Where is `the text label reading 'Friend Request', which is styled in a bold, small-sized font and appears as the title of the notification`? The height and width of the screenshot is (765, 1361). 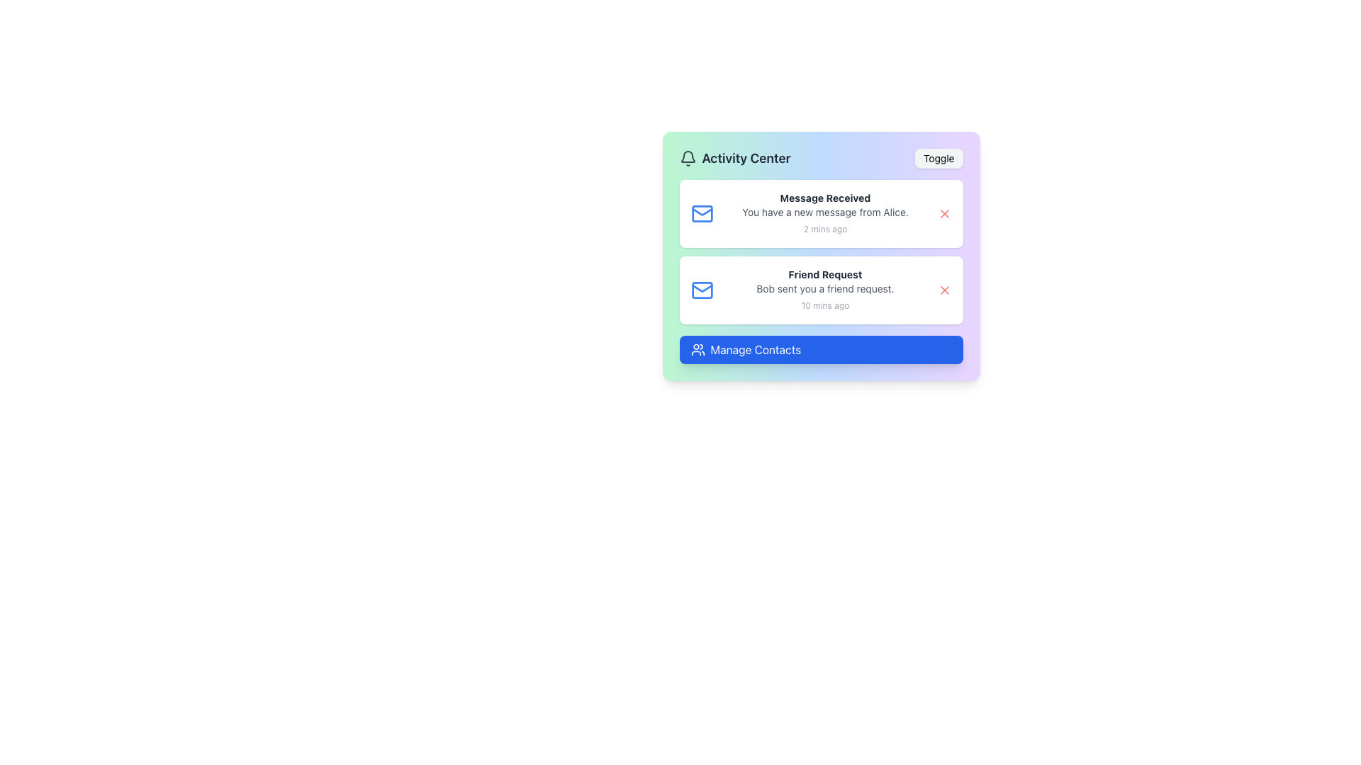 the text label reading 'Friend Request', which is styled in a bold, small-sized font and appears as the title of the notification is located at coordinates (825, 275).